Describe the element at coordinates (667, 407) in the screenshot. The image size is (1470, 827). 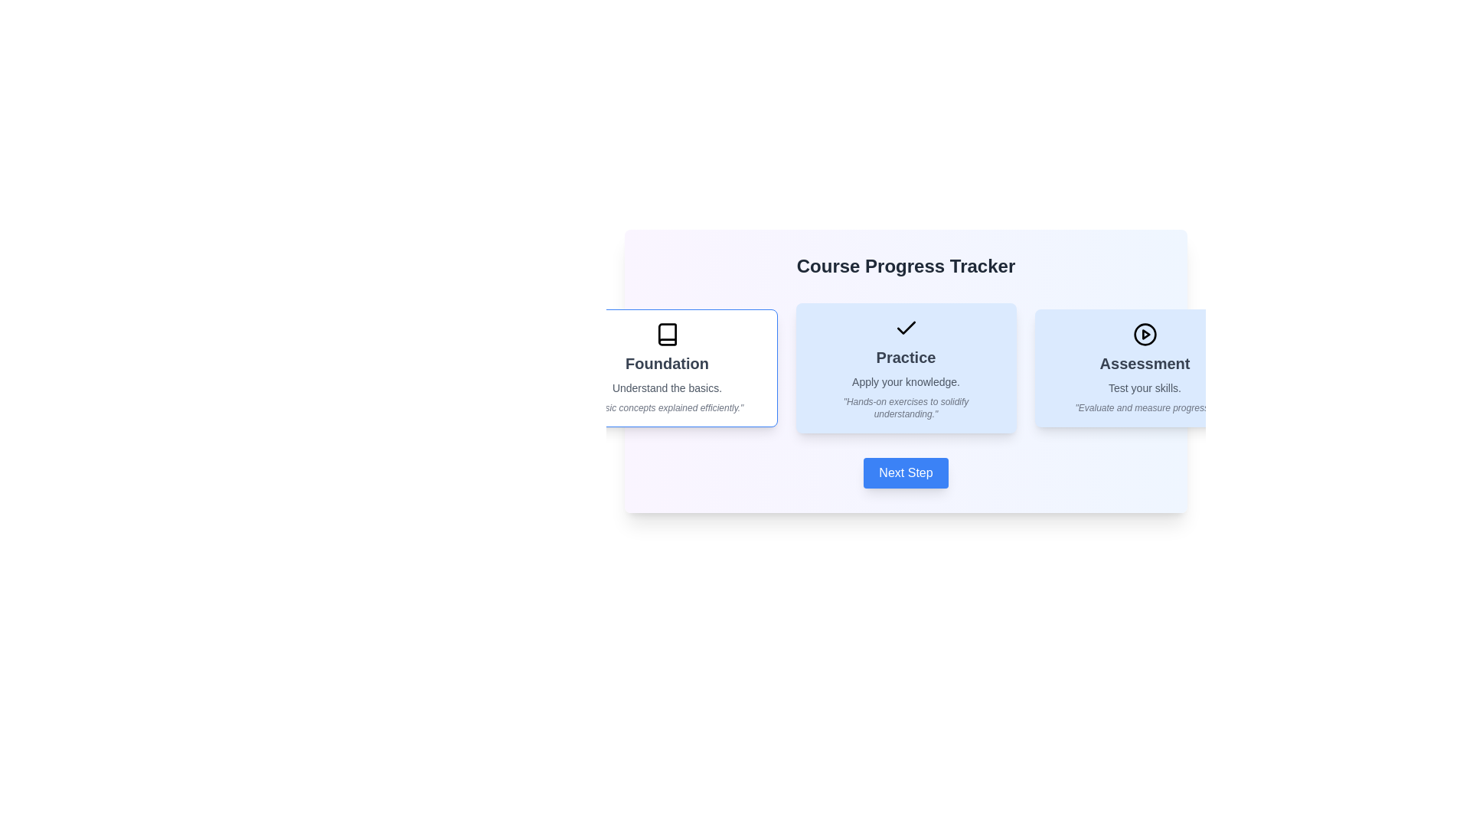
I see `the italicized text label that reads 'Basic concepts explained efficiently.' located within the 'Foundation' card` at that location.